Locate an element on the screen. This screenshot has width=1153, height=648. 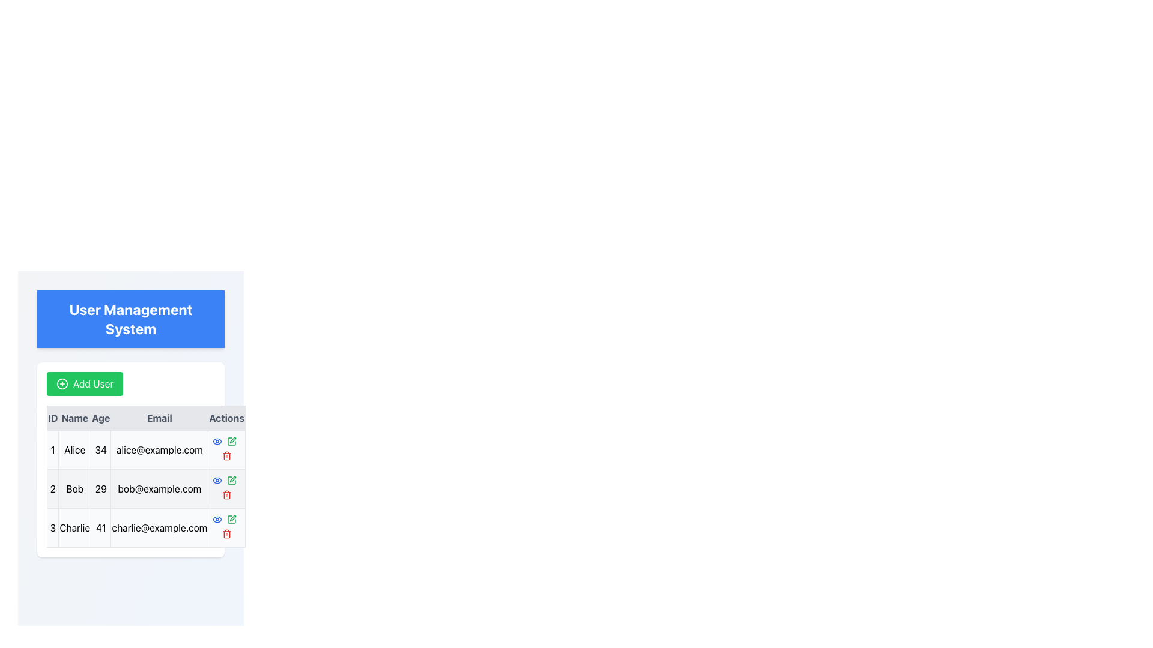
the 'Add User' button located at the top of the user management interface, below the 'User Management System' header is located at coordinates (84, 384).